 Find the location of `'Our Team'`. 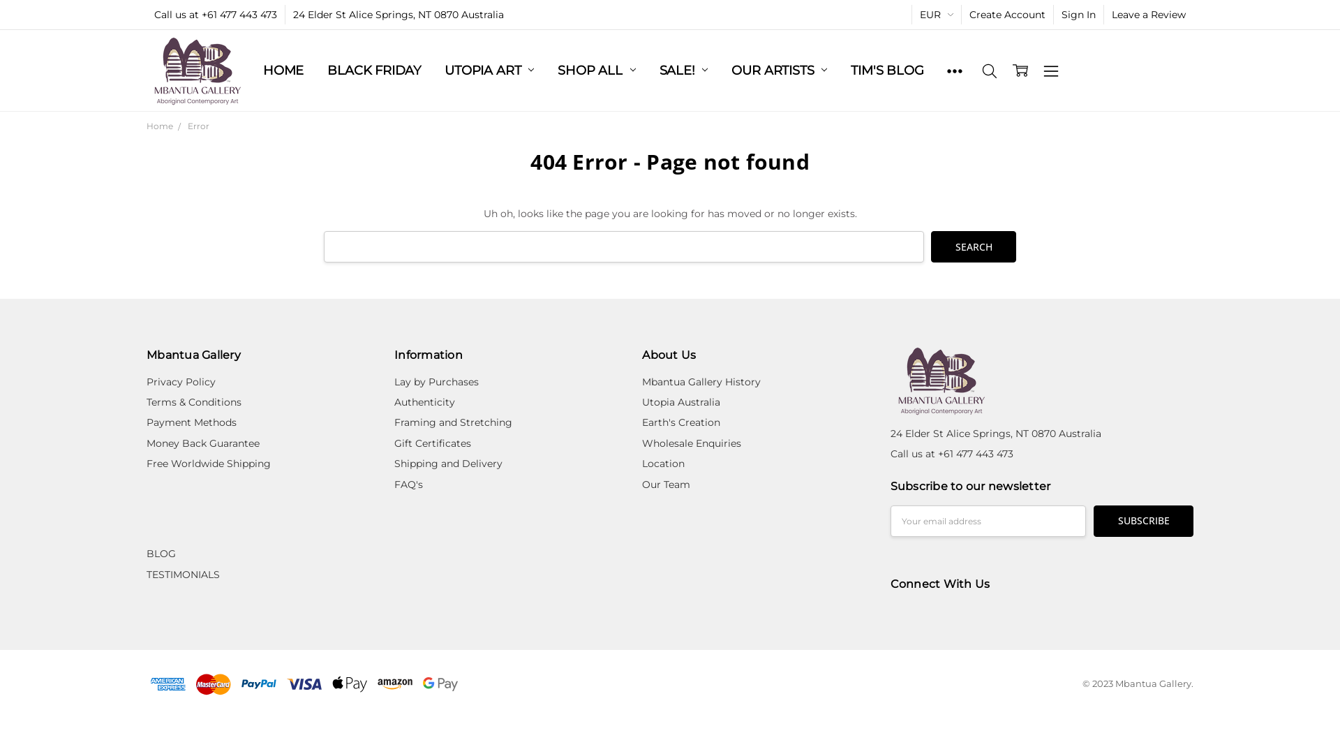

'Our Team' is located at coordinates (665, 484).